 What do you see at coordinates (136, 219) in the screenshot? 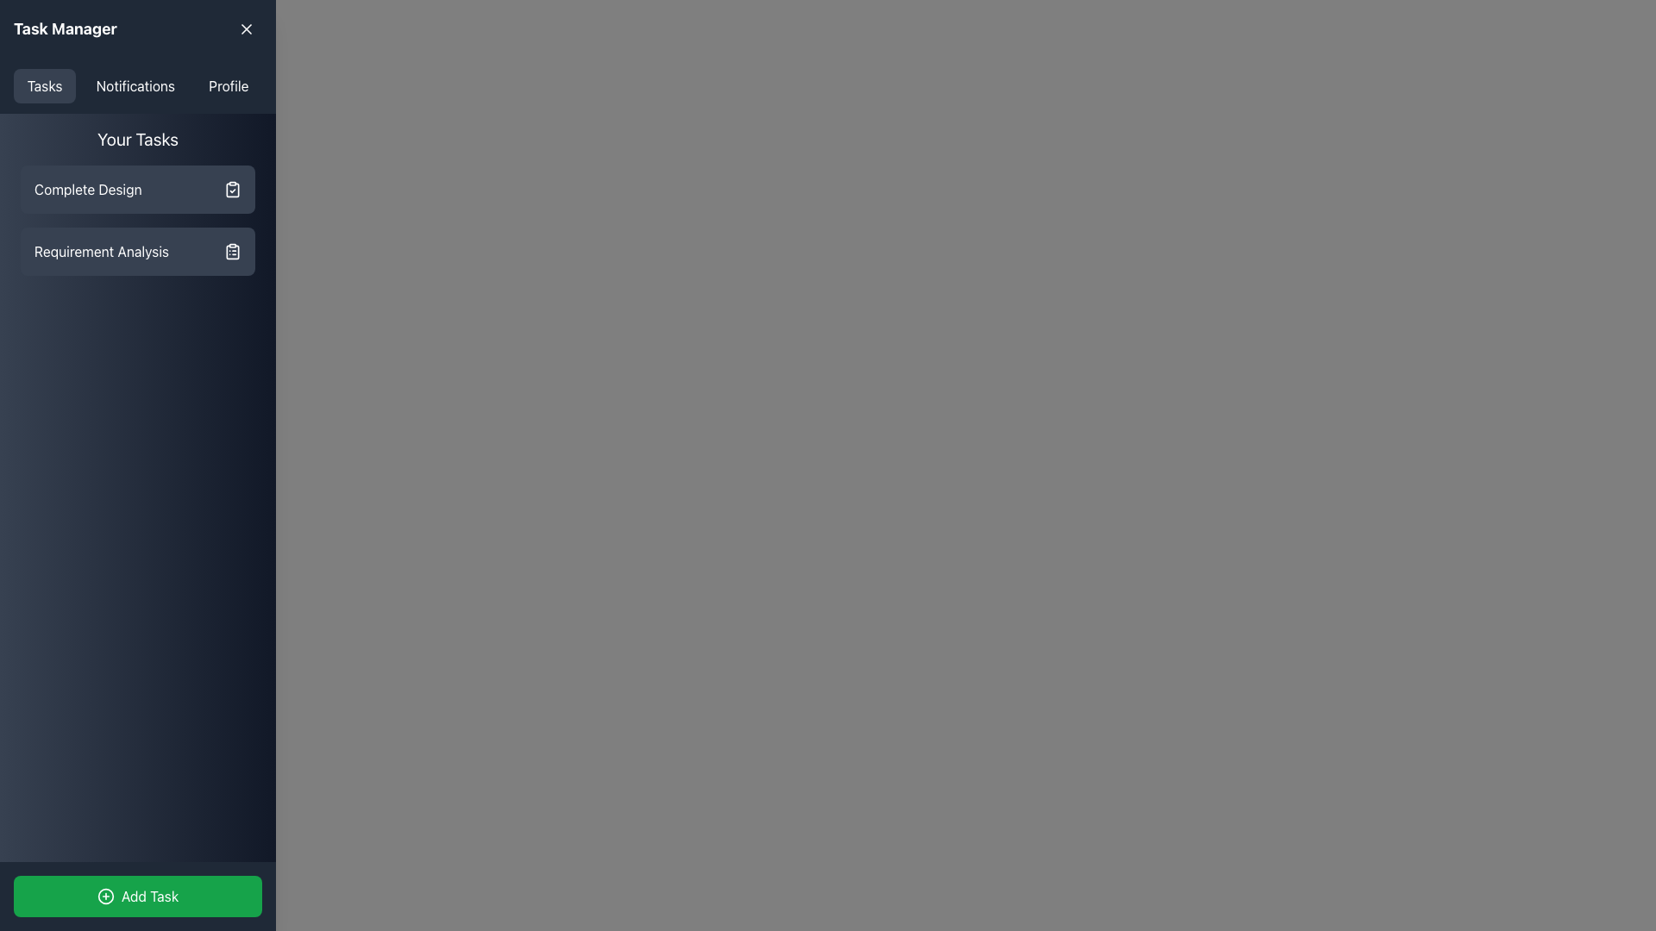
I see `the first task item in the 'Your Tasks' panel, which is positioned directly above 'Requirement Analysis'` at bounding box center [136, 219].